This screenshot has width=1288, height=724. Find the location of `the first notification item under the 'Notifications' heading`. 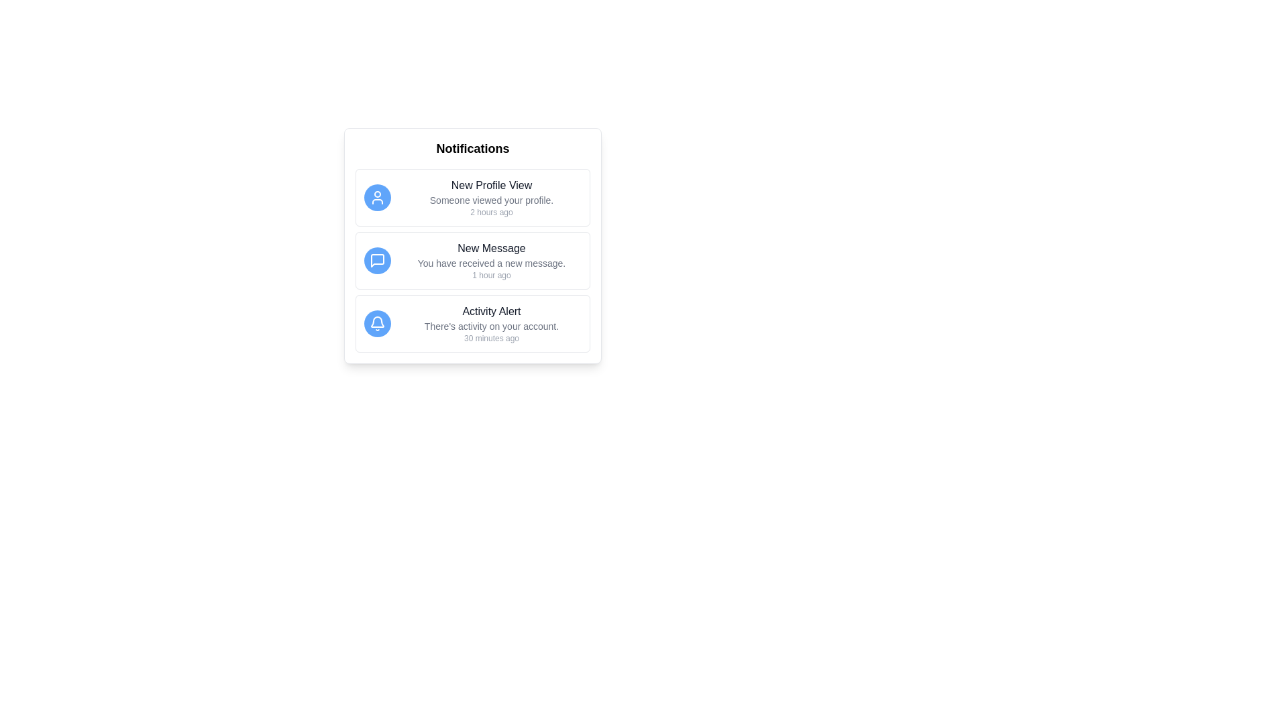

the first notification item under the 'Notifications' heading is located at coordinates (473, 197).